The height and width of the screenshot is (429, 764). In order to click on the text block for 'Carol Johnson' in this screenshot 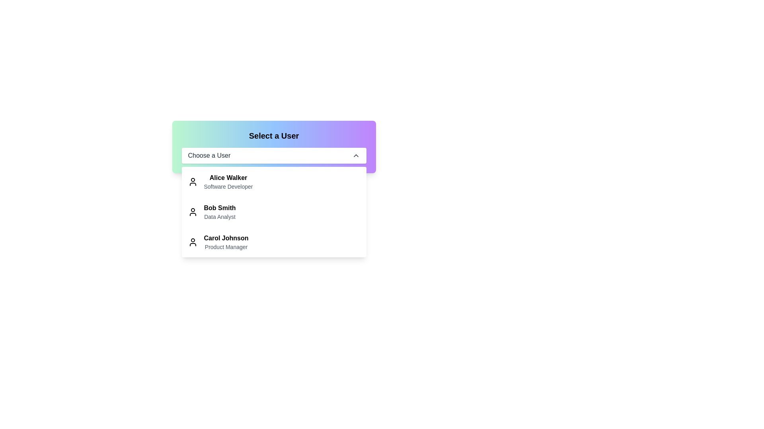, I will do `click(225, 242)`.